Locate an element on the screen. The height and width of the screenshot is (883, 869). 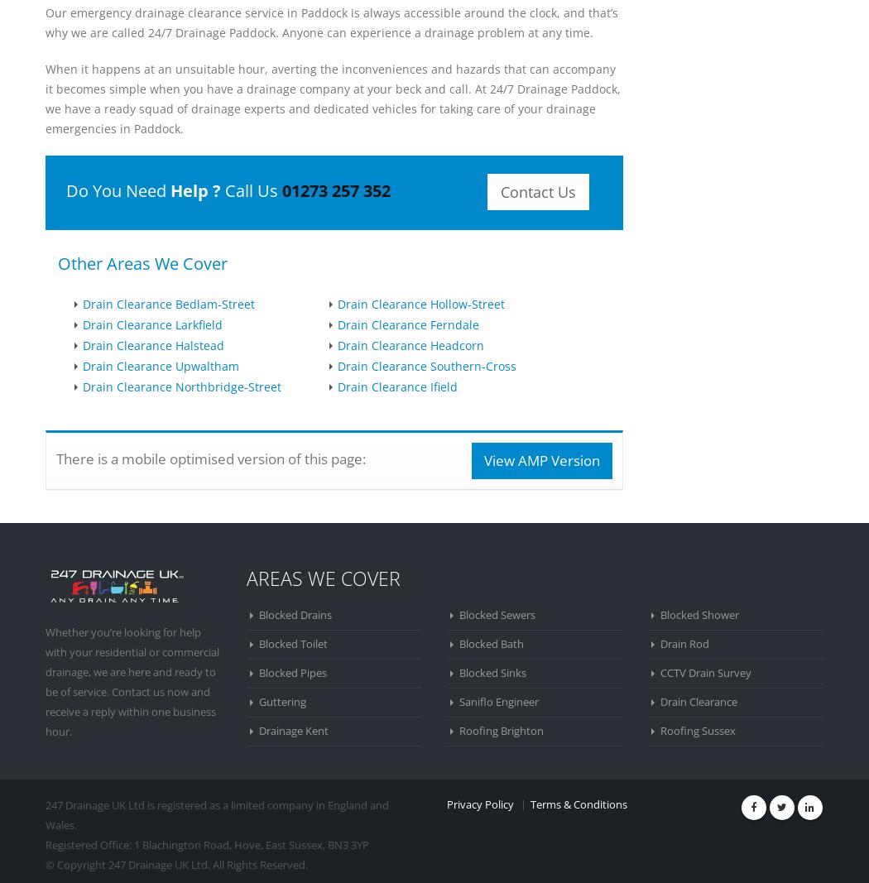
'CCTV Drain Survey' is located at coordinates (704, 672).